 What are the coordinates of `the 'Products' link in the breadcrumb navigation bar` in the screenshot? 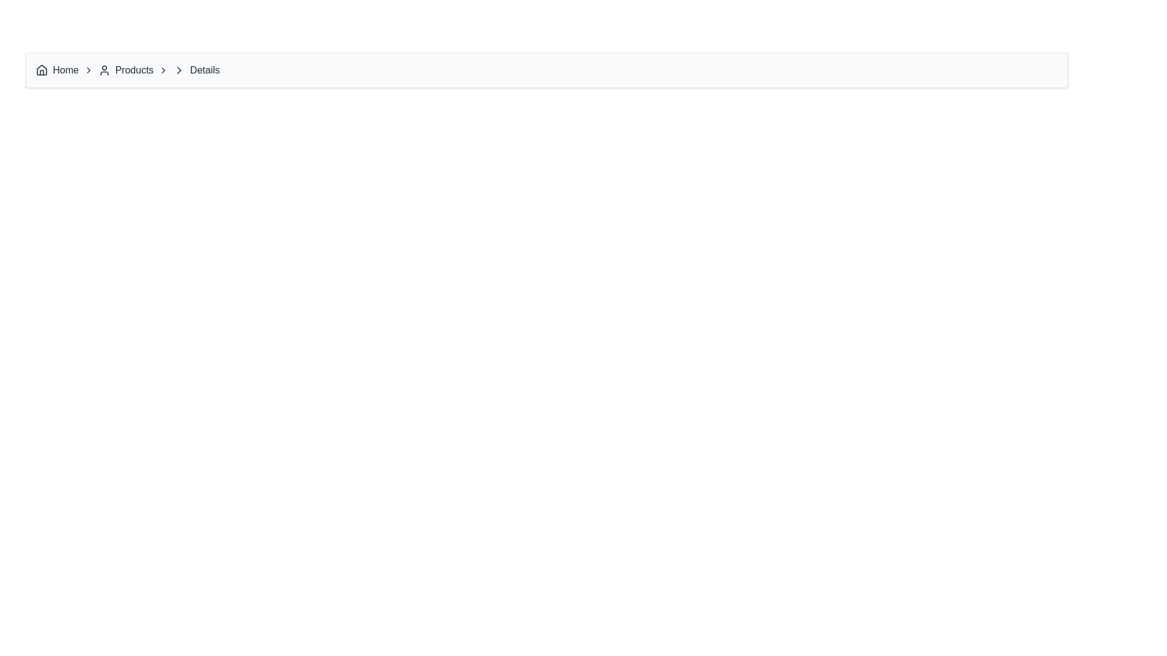 It's located at (125, 70).